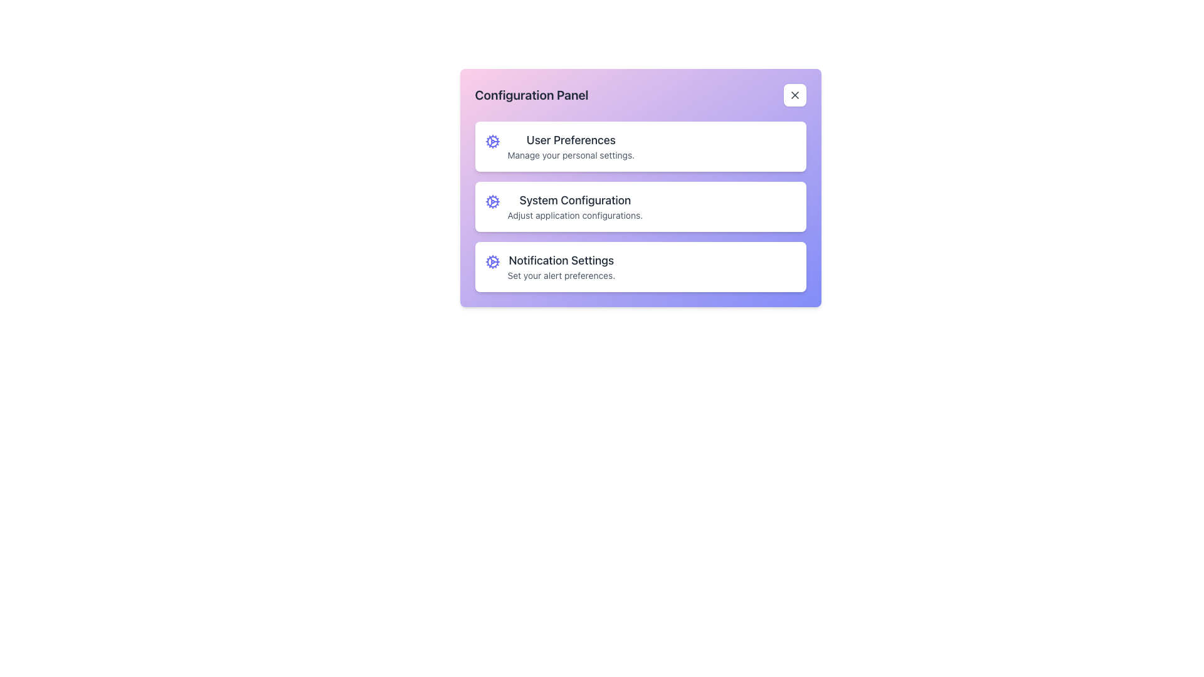 This screenshot has height=677, width=1204. What do you see at coordinates (640, 188) in the screenshot?
I see `the 'System Configuration' button, which is a rectangular button with a gear icon and text, located in the 'Configuration Panel' beneath 'User Preferences'` at bounding box center [640, 188].